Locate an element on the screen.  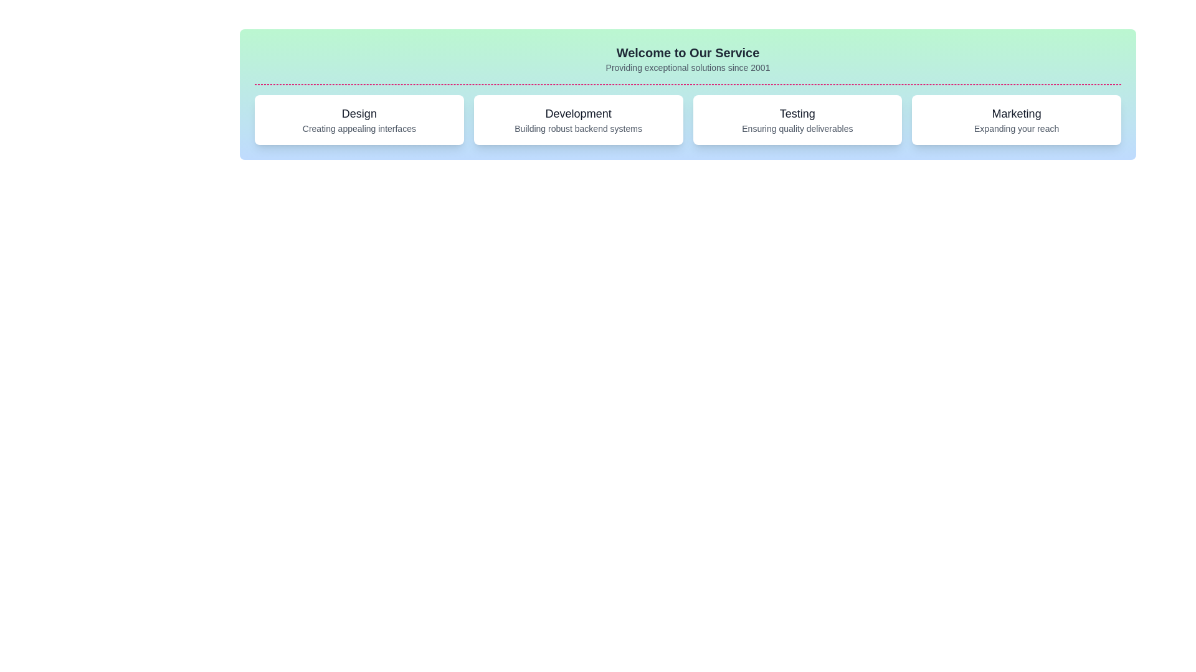
the descriptive subtext of the 'Marketing' card, which is the second text label located at the rightmost position in a row of service cards is located at coordinates (1017, 129).